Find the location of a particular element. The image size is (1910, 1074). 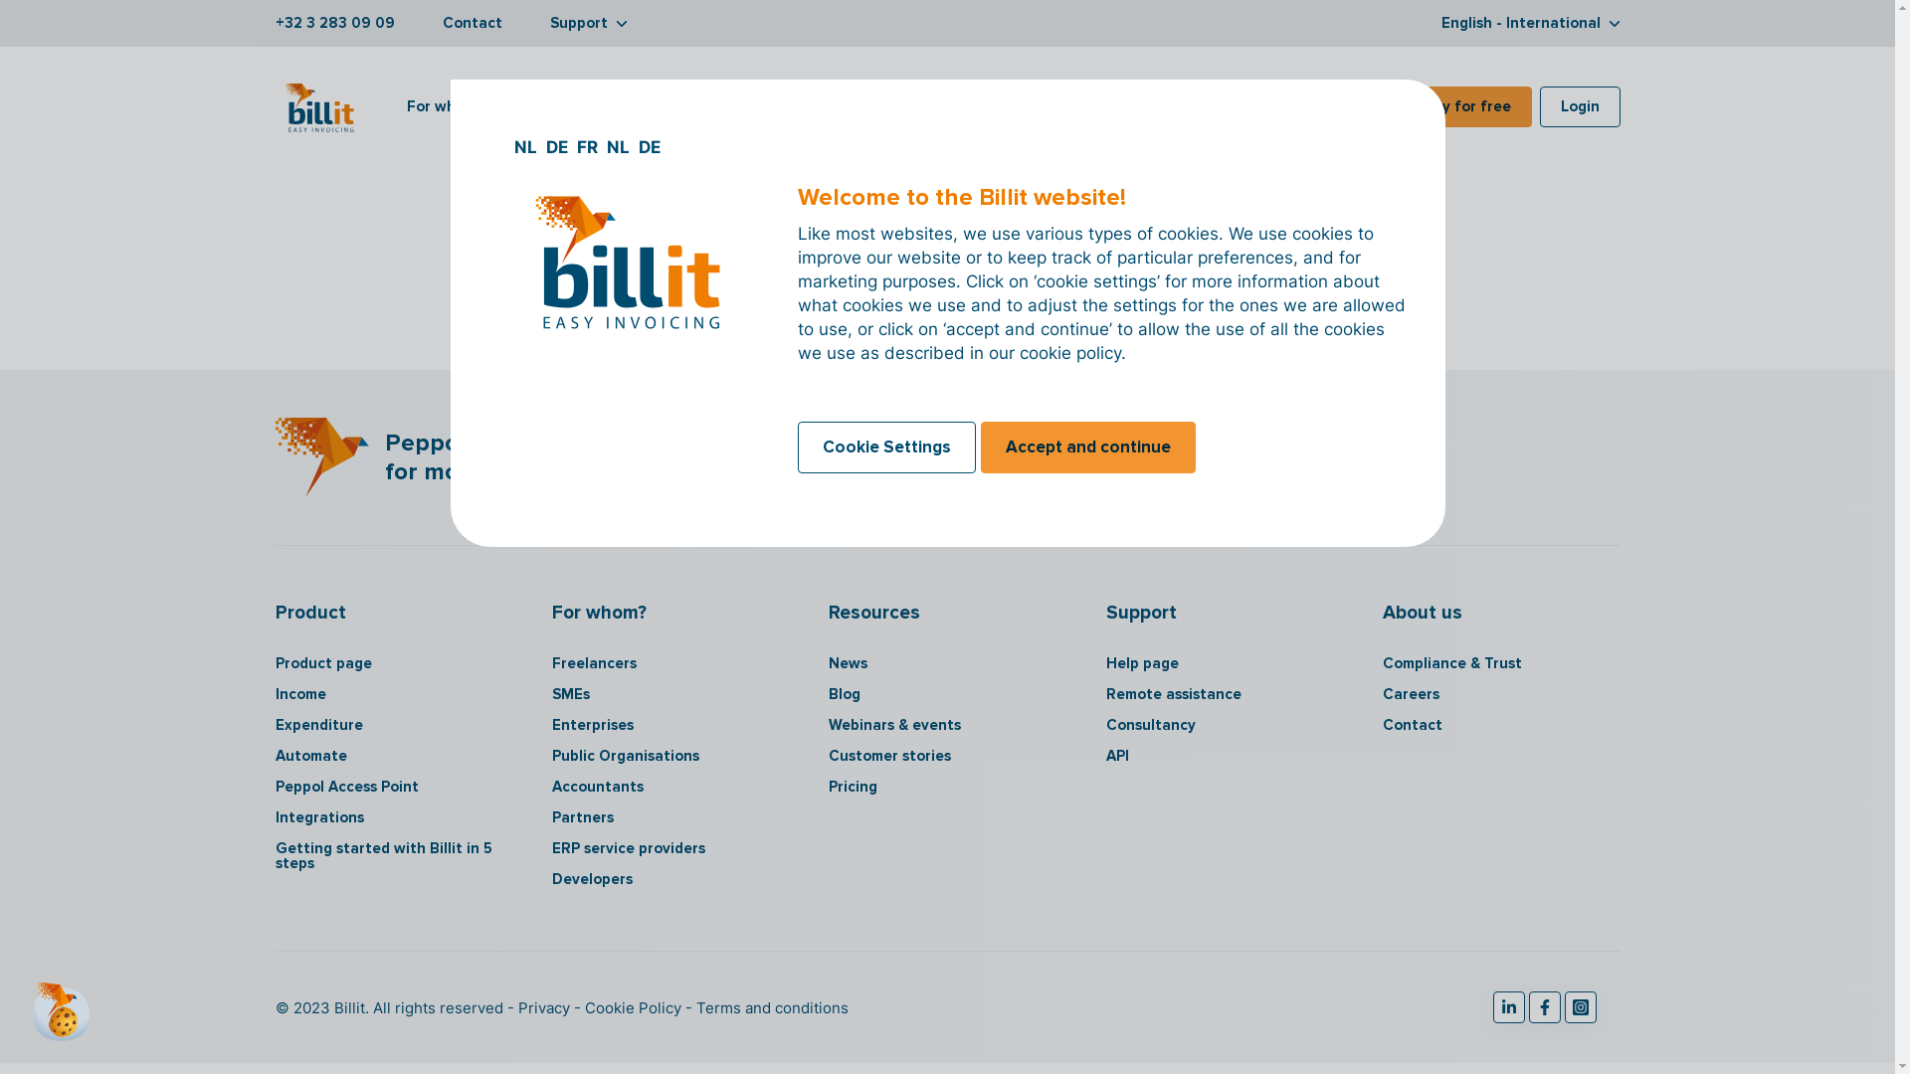

'For whom?' is located at coordinates (453, 106).